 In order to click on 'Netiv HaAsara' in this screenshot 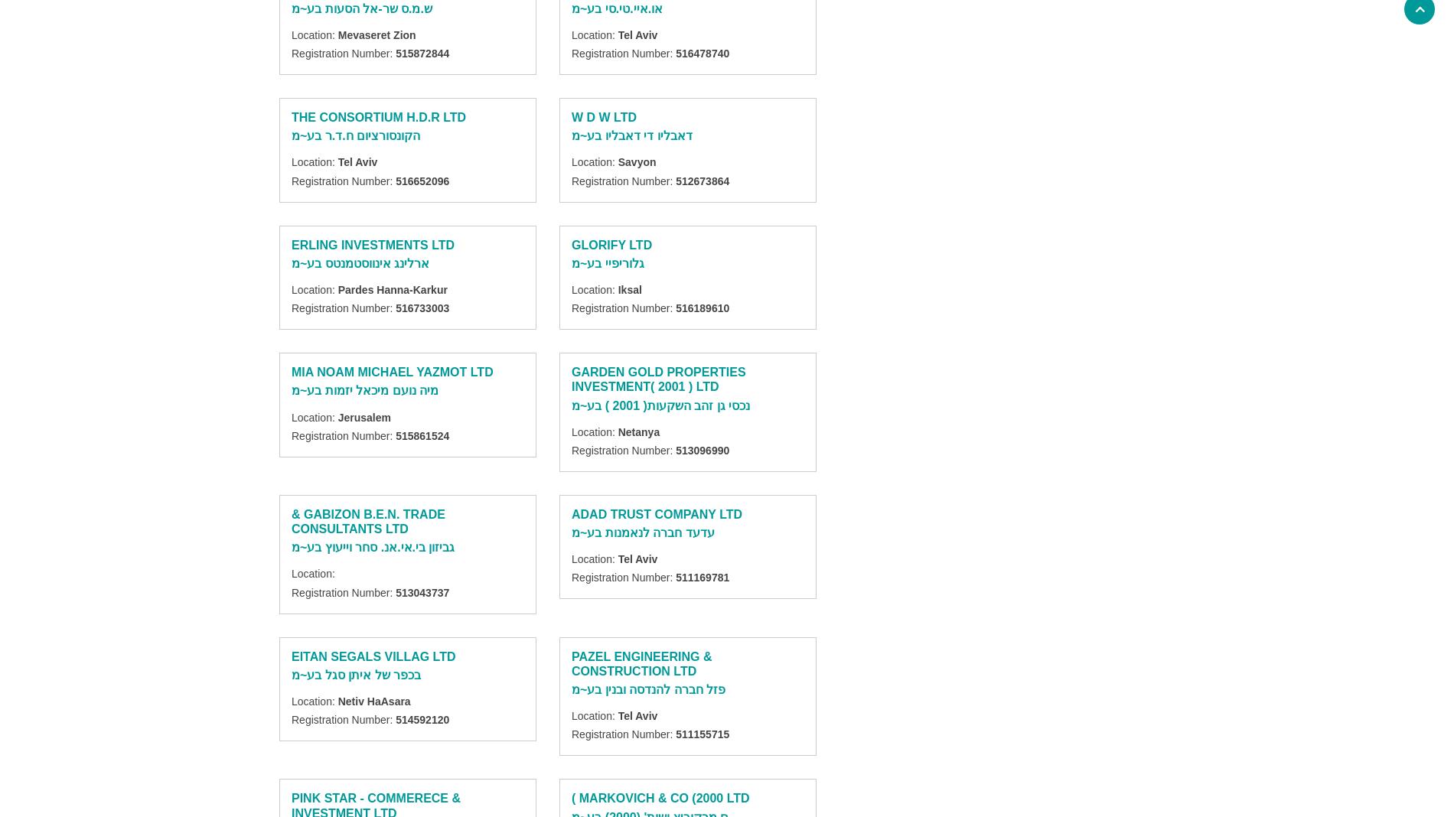, I will do `click(373, 700)`.